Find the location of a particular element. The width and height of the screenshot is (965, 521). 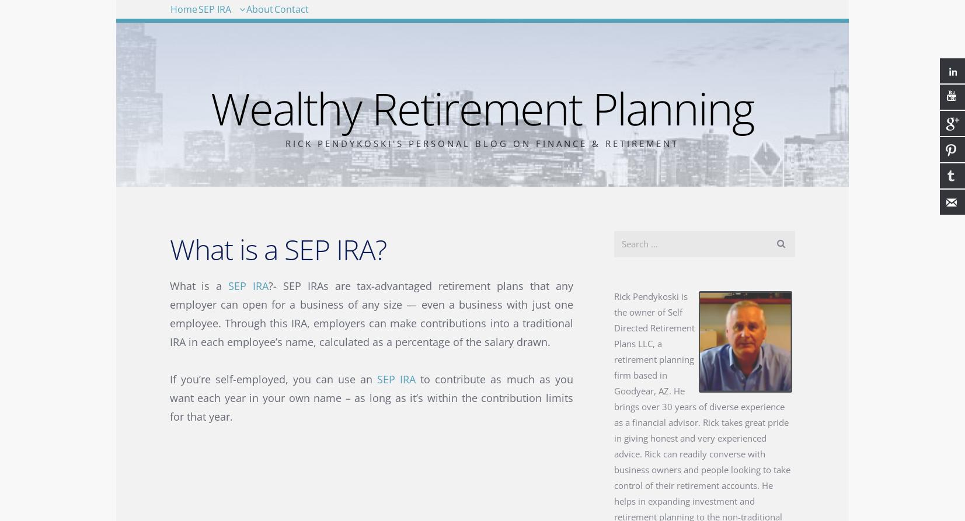

'Wealthy Retirement Planning' is located at coordinates (482, 107).